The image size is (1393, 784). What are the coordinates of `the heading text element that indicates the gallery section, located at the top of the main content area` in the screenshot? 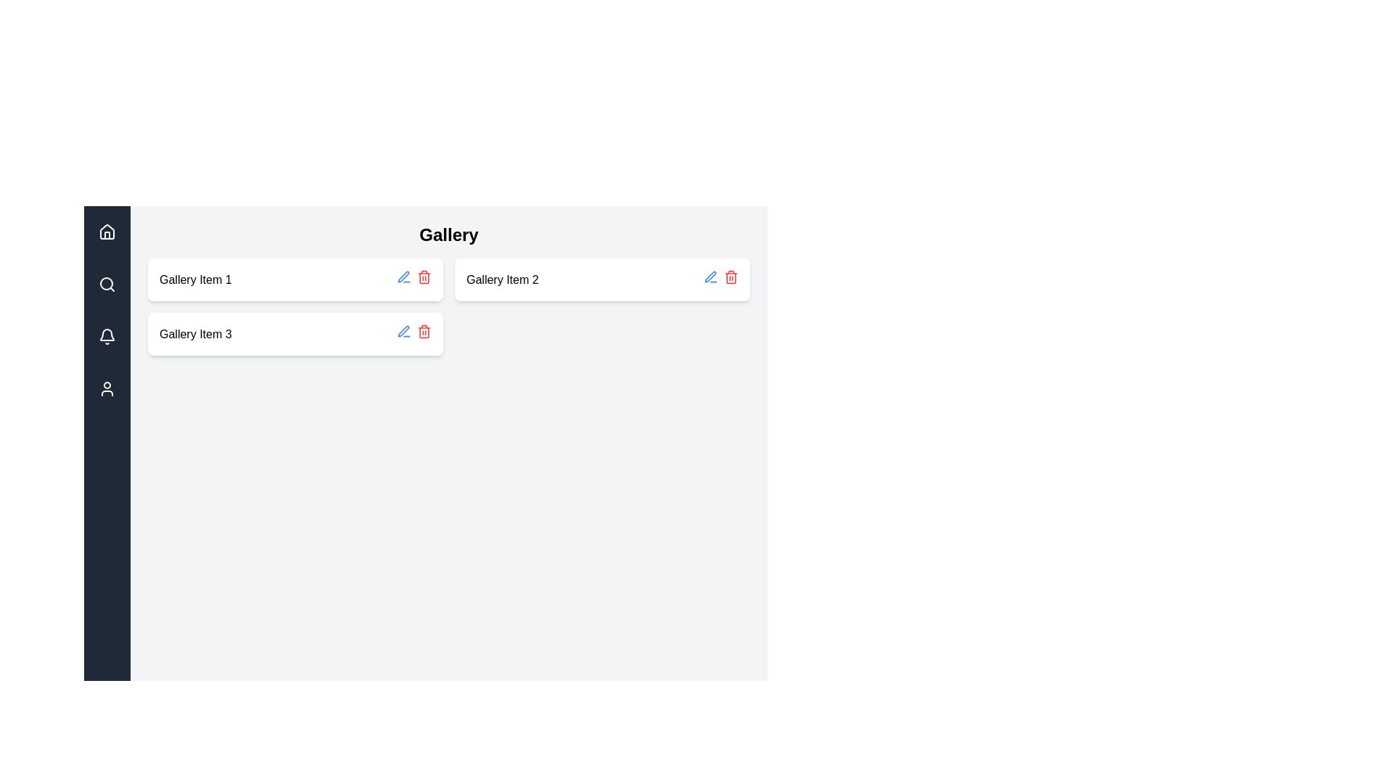 It's located at (448, 234).